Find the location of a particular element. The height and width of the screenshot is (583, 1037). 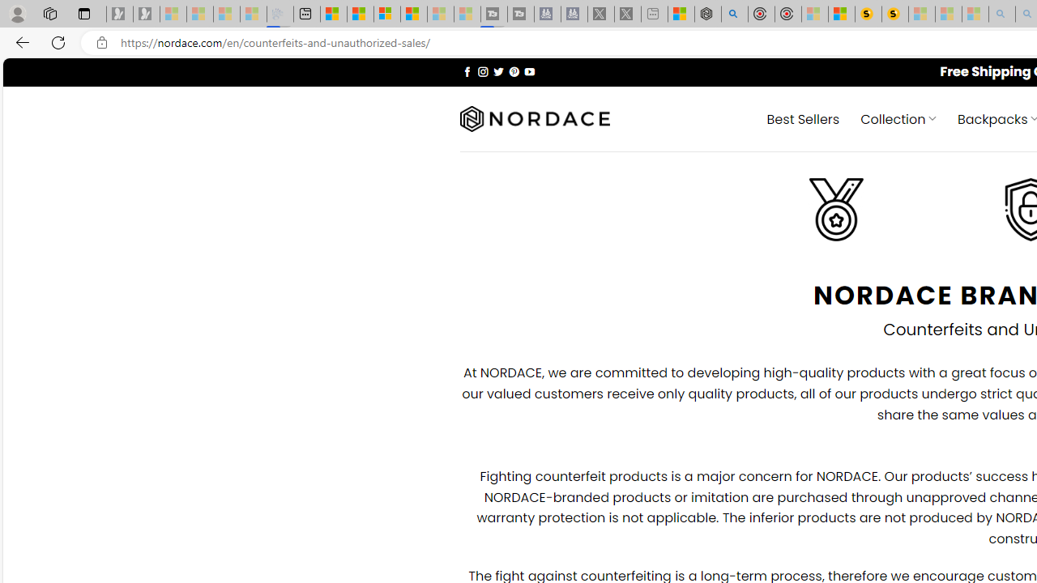

'Follow on YouTube' is located at coordinates (529, 70).